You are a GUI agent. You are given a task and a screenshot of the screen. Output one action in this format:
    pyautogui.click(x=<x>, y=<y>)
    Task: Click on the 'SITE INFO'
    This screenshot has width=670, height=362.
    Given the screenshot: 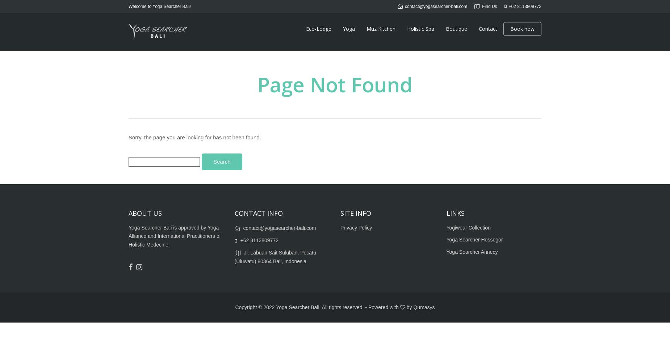 What is the action you would take?
    pyautogui.click(x=355, y=212)
    